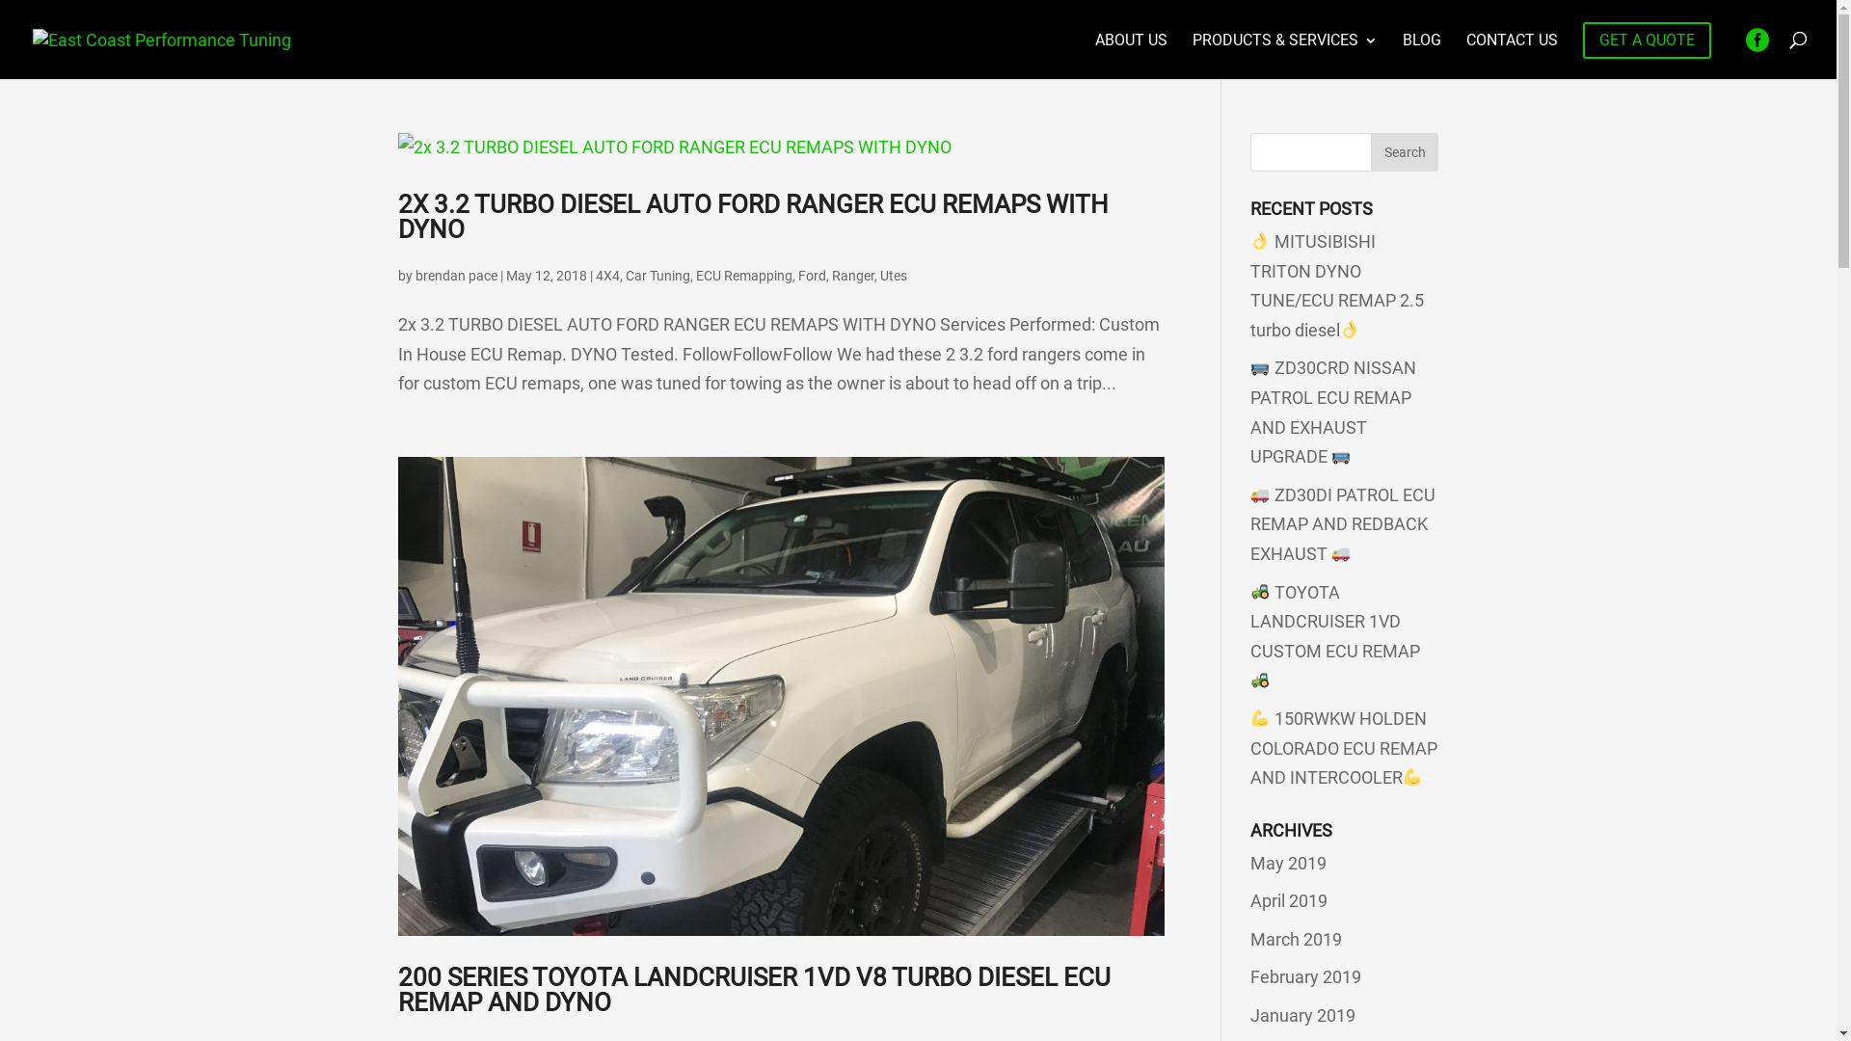 The width and height of the screenshot is (1851, 1041). Describe the element at coordinates (1296, 938) in the screenshot. I see `'March 2019'` at that location.